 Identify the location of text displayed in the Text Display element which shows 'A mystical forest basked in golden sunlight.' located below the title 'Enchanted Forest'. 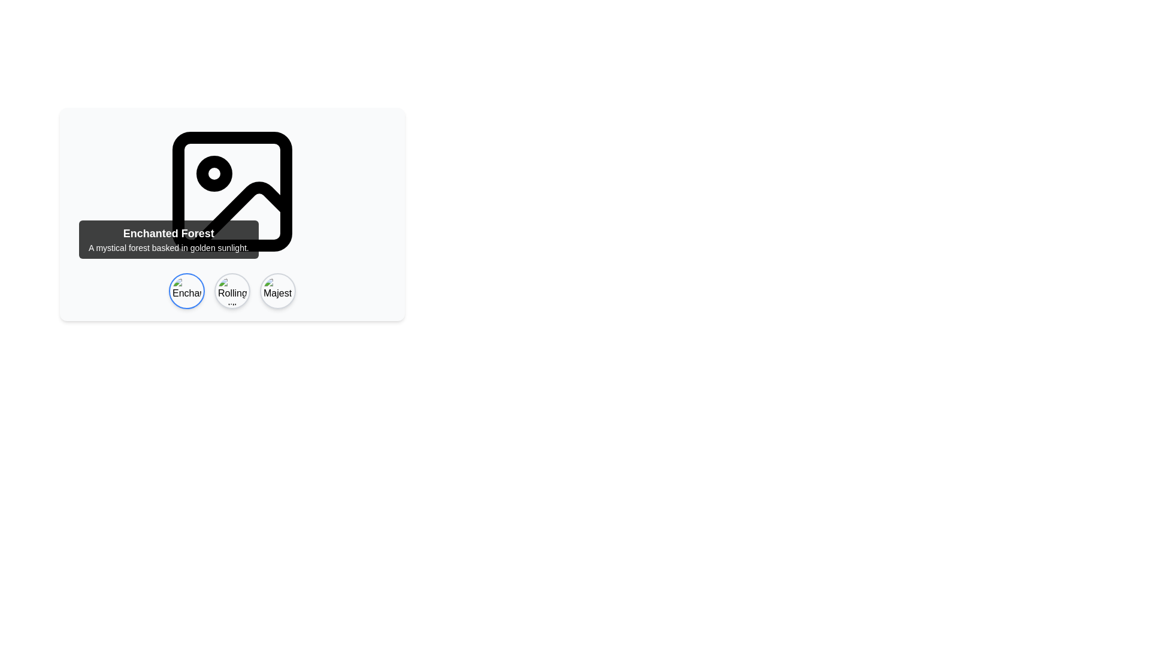
(168, 247).